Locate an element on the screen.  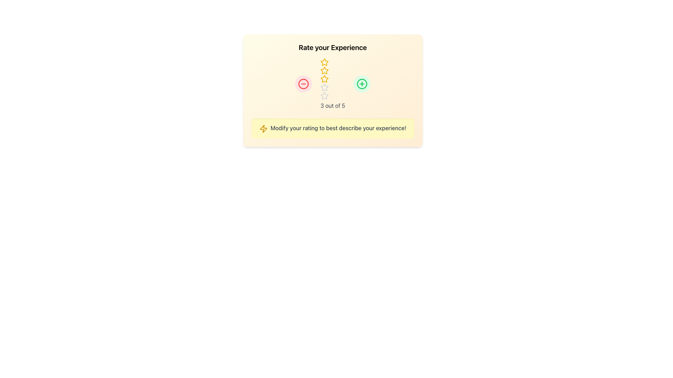
the third yellow star icon with a hollow center in the rating component below the 'Rate your Experience' heading is located at coordinates (324, 70).